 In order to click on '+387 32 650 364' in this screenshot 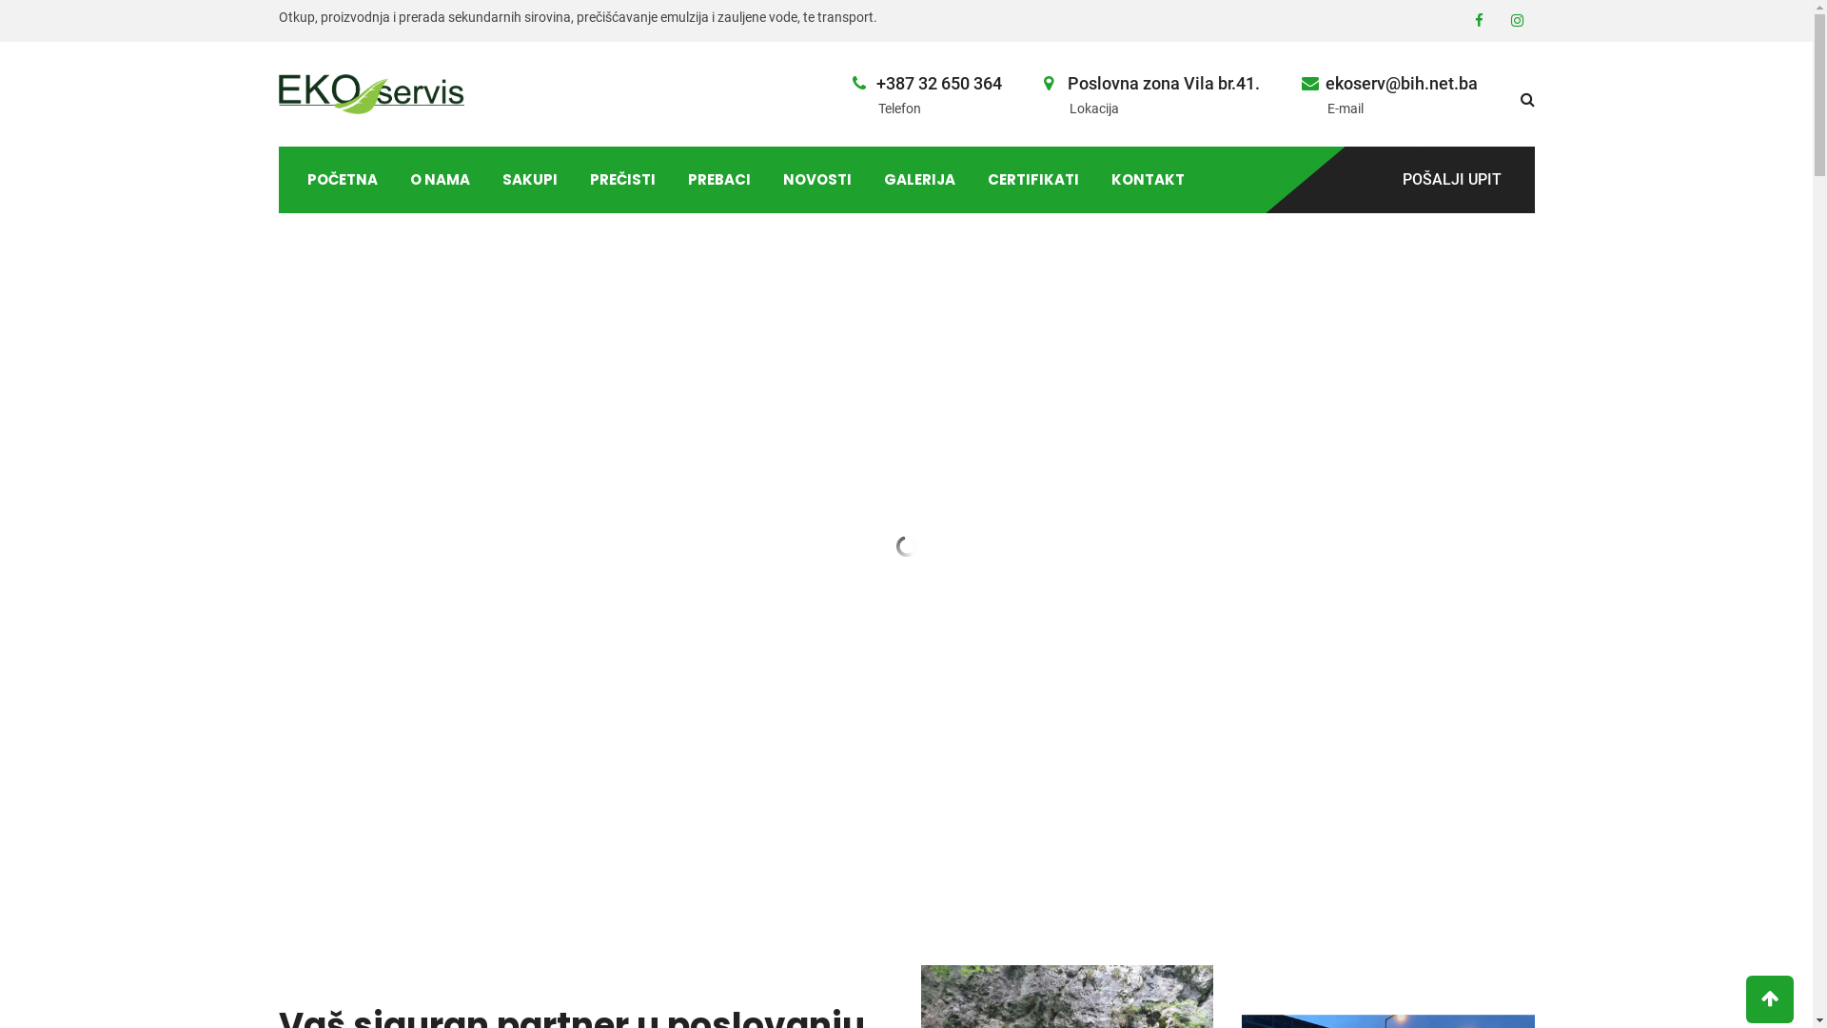, I will do `click(937, 82)`.